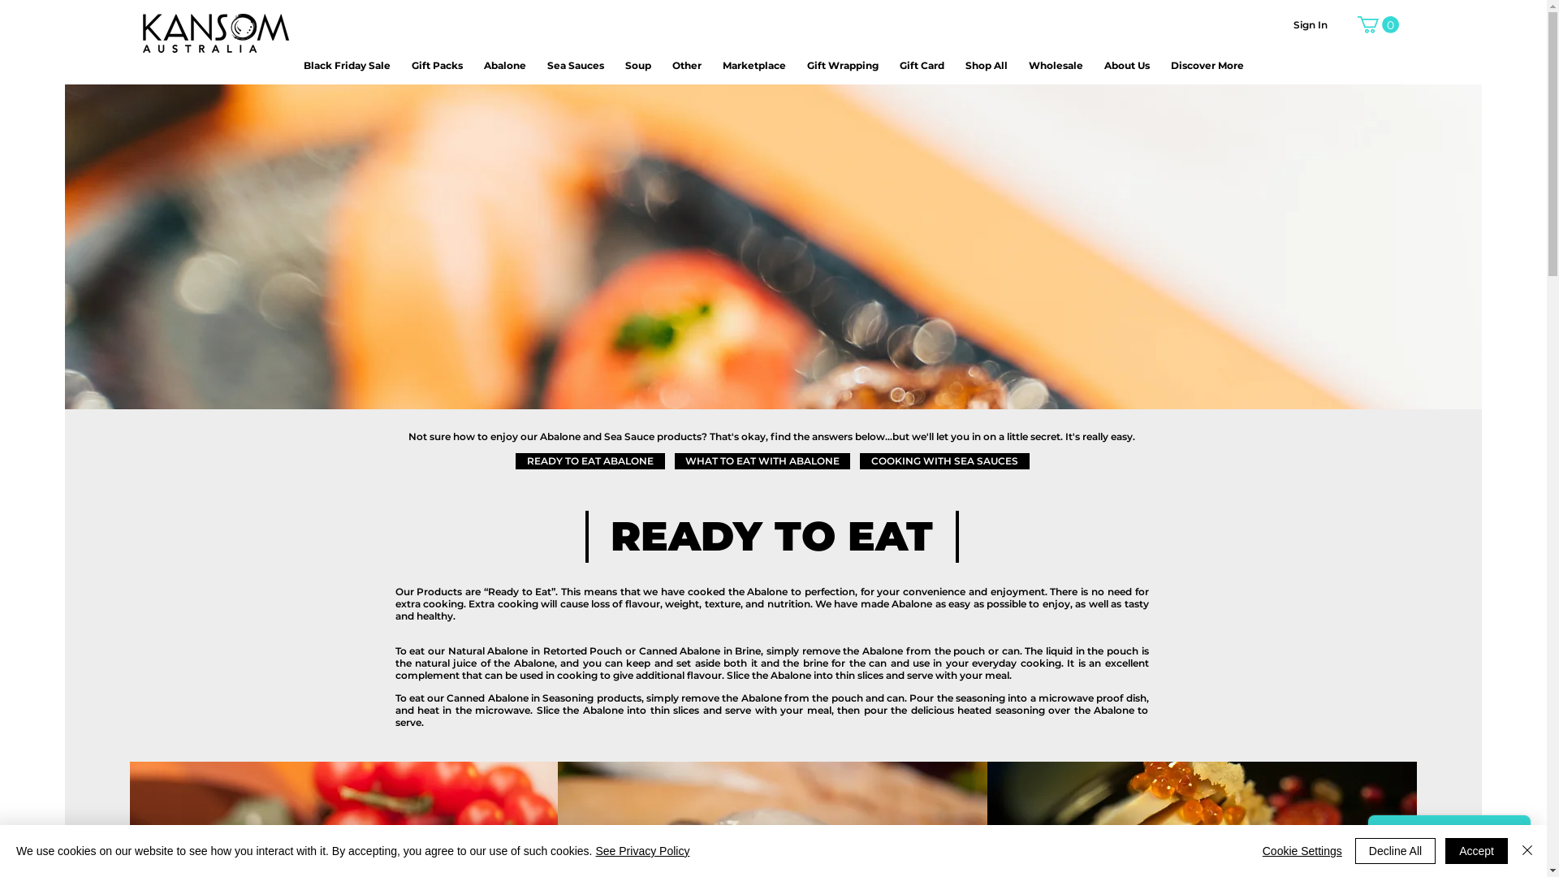 This screenshot has height=877, width=1559. Describe the element at coordinates (436, 64) in the screenshot. I see `'Gift Packs'` at that location.